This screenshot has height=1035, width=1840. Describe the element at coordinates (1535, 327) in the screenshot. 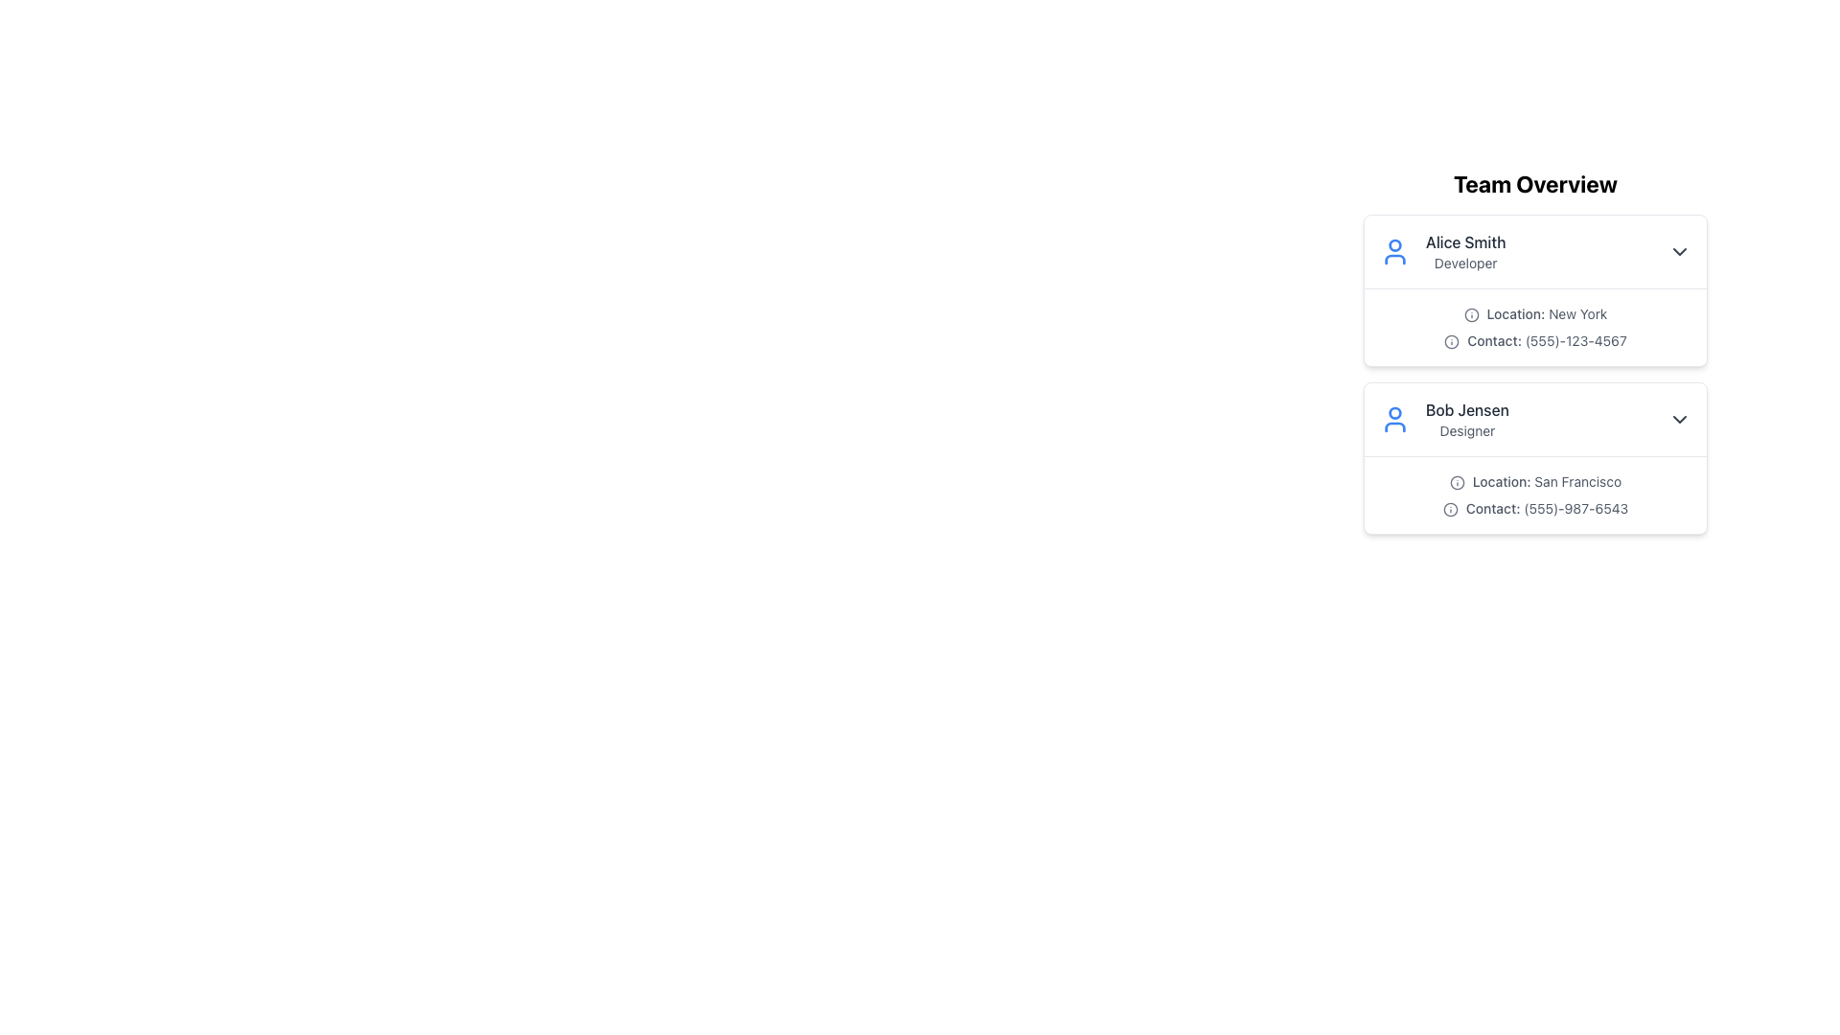

I see `the textual information display with icons showing 'Location: New York' and 'Contact: (555)-123-4567'` at that location.